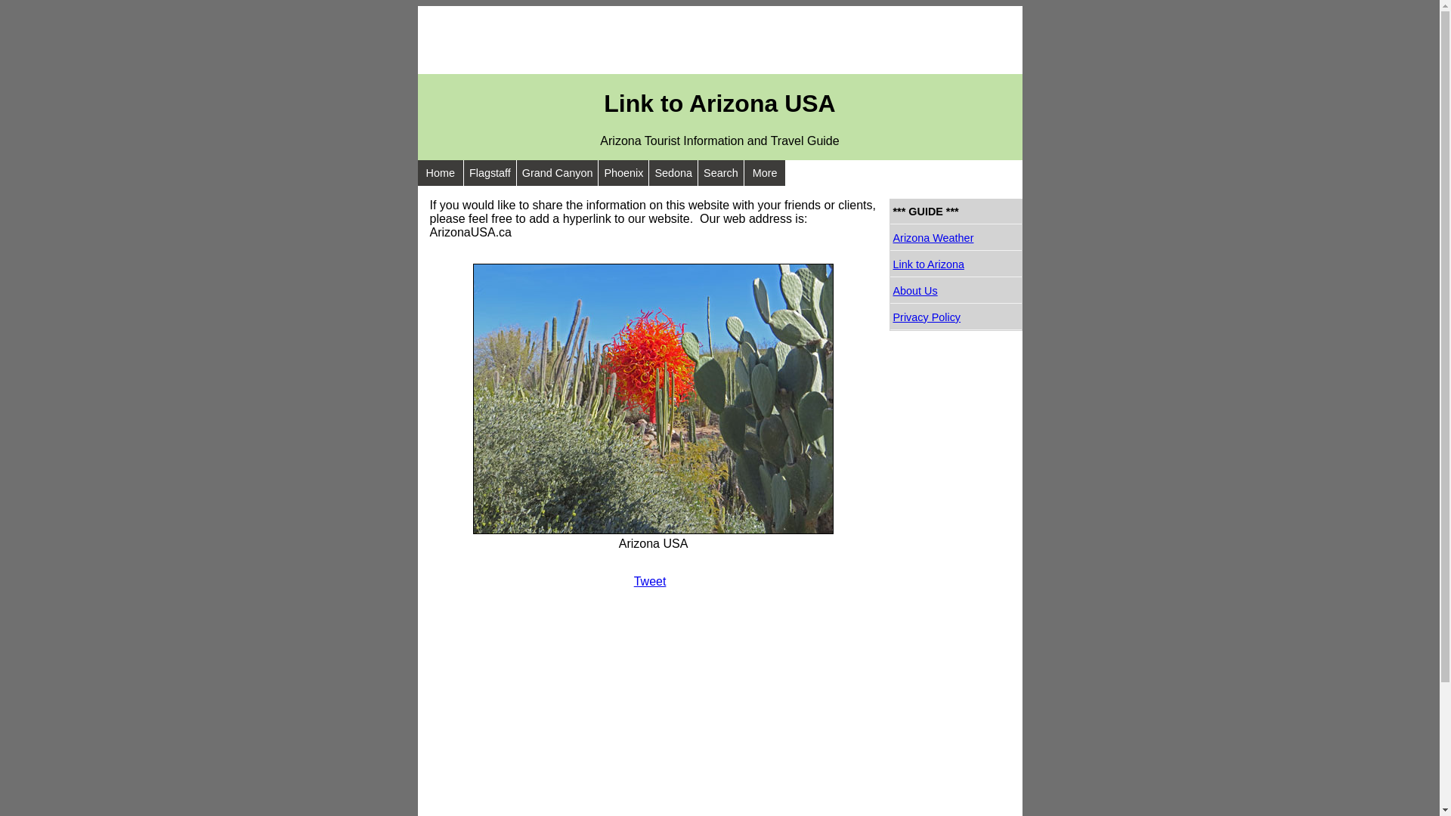  Describe the element at coordinates (955, 291) in the screenshot. I see `'About Us'` at that location.